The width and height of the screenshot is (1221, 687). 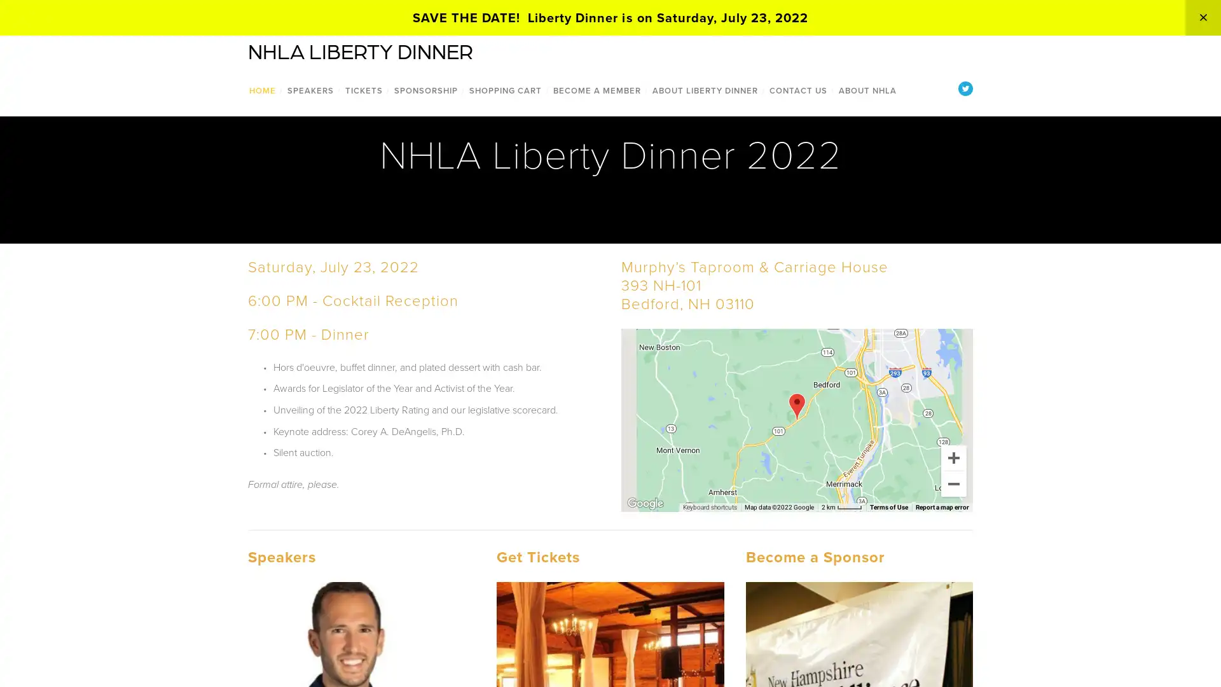 What do you see at coordinates (709, 506) in the screenshot?
I see `Keyboard shortcuts` at bounding box center [709, 506].